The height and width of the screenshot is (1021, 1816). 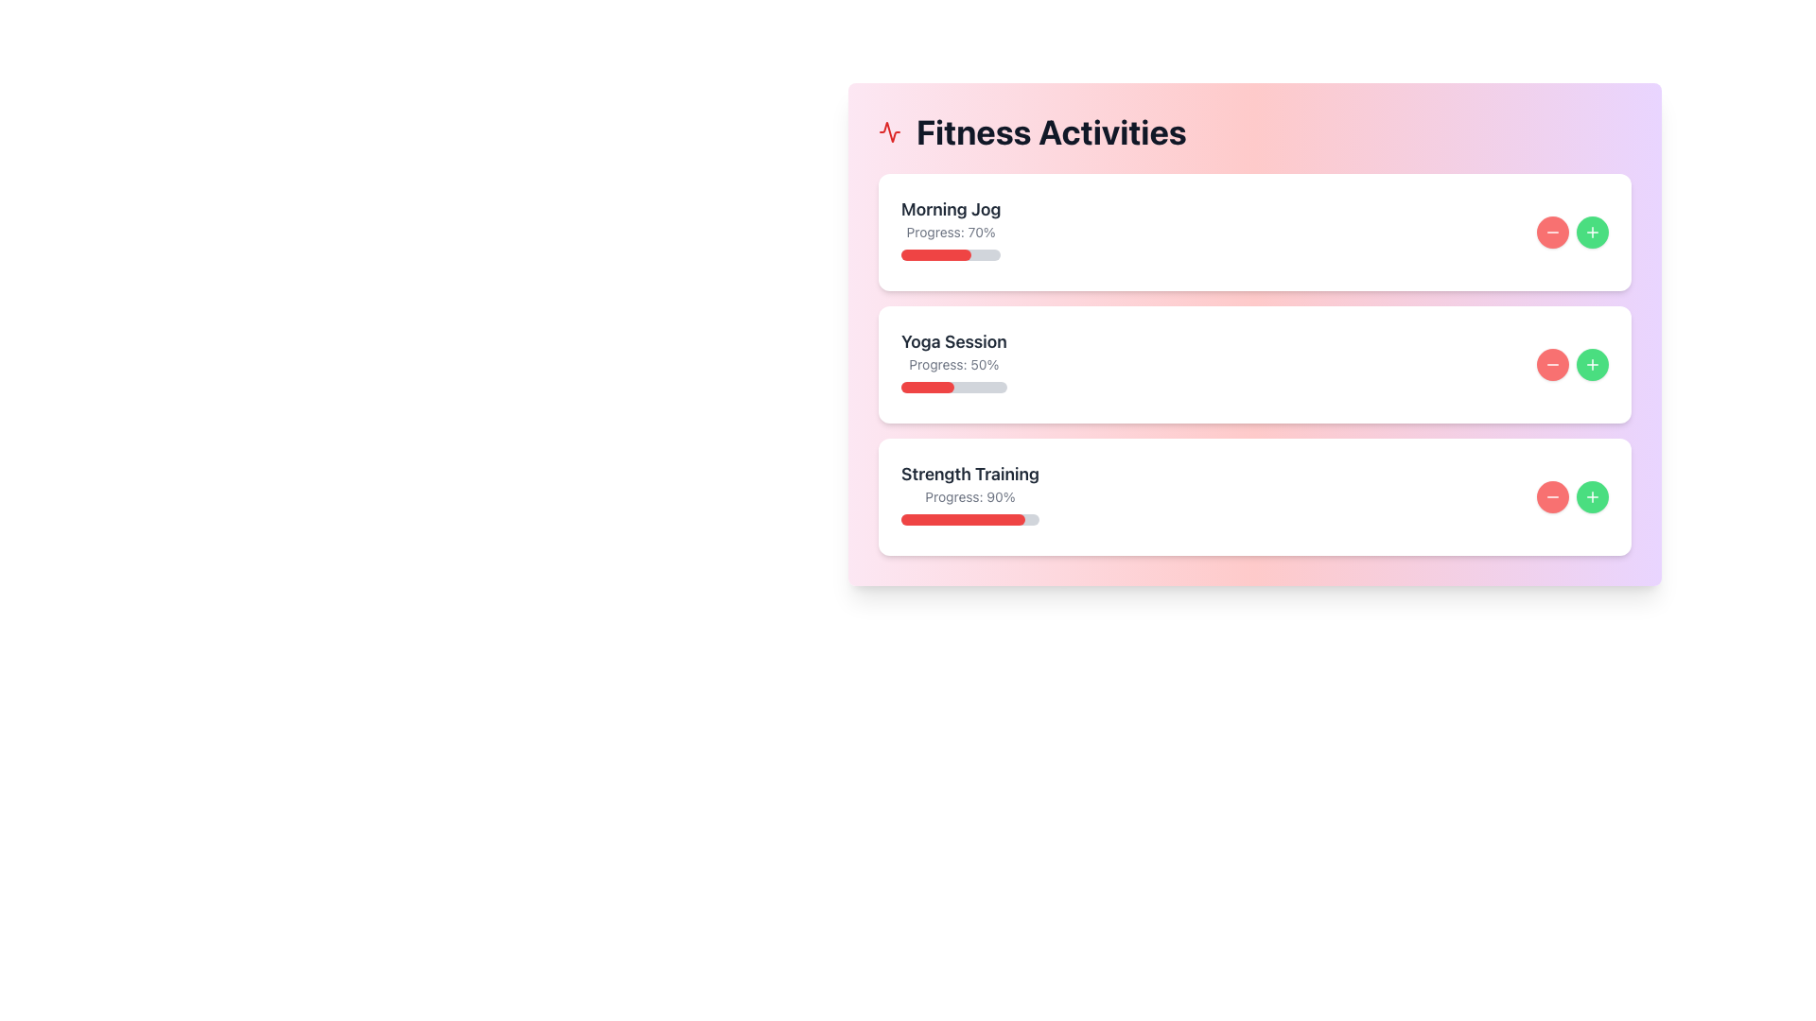 What do you see at coordinates (1592, 232) in the screenshot?
I see `the circular green button with a white '+' icon located at the rightmost end of the top activity section` at bounding box center [1592, 232].